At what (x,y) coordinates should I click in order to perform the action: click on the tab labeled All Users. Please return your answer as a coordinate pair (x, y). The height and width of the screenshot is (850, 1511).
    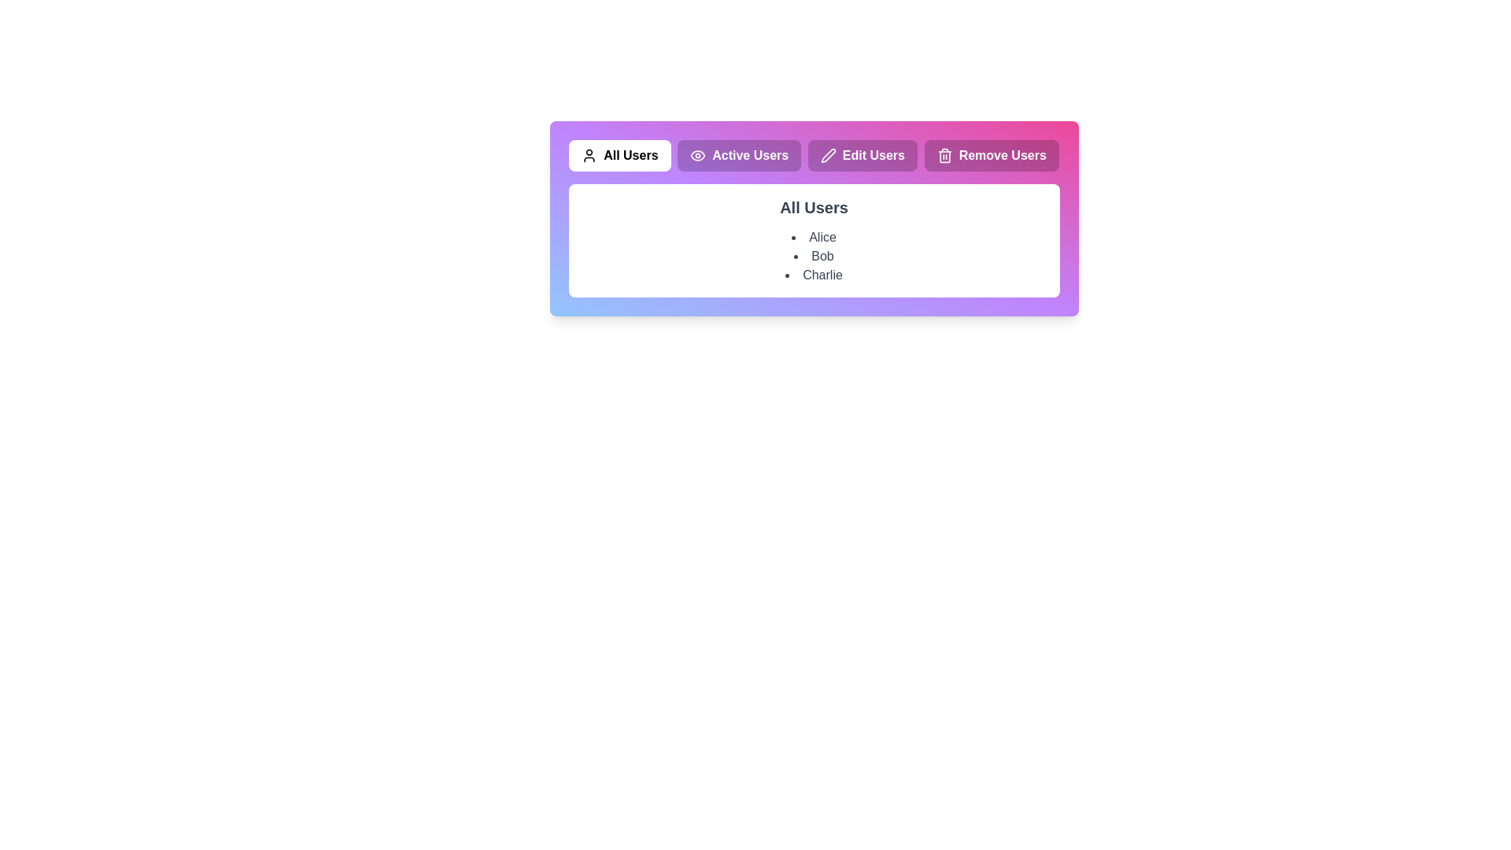
    Looking at the image, I should click on (619, 155).